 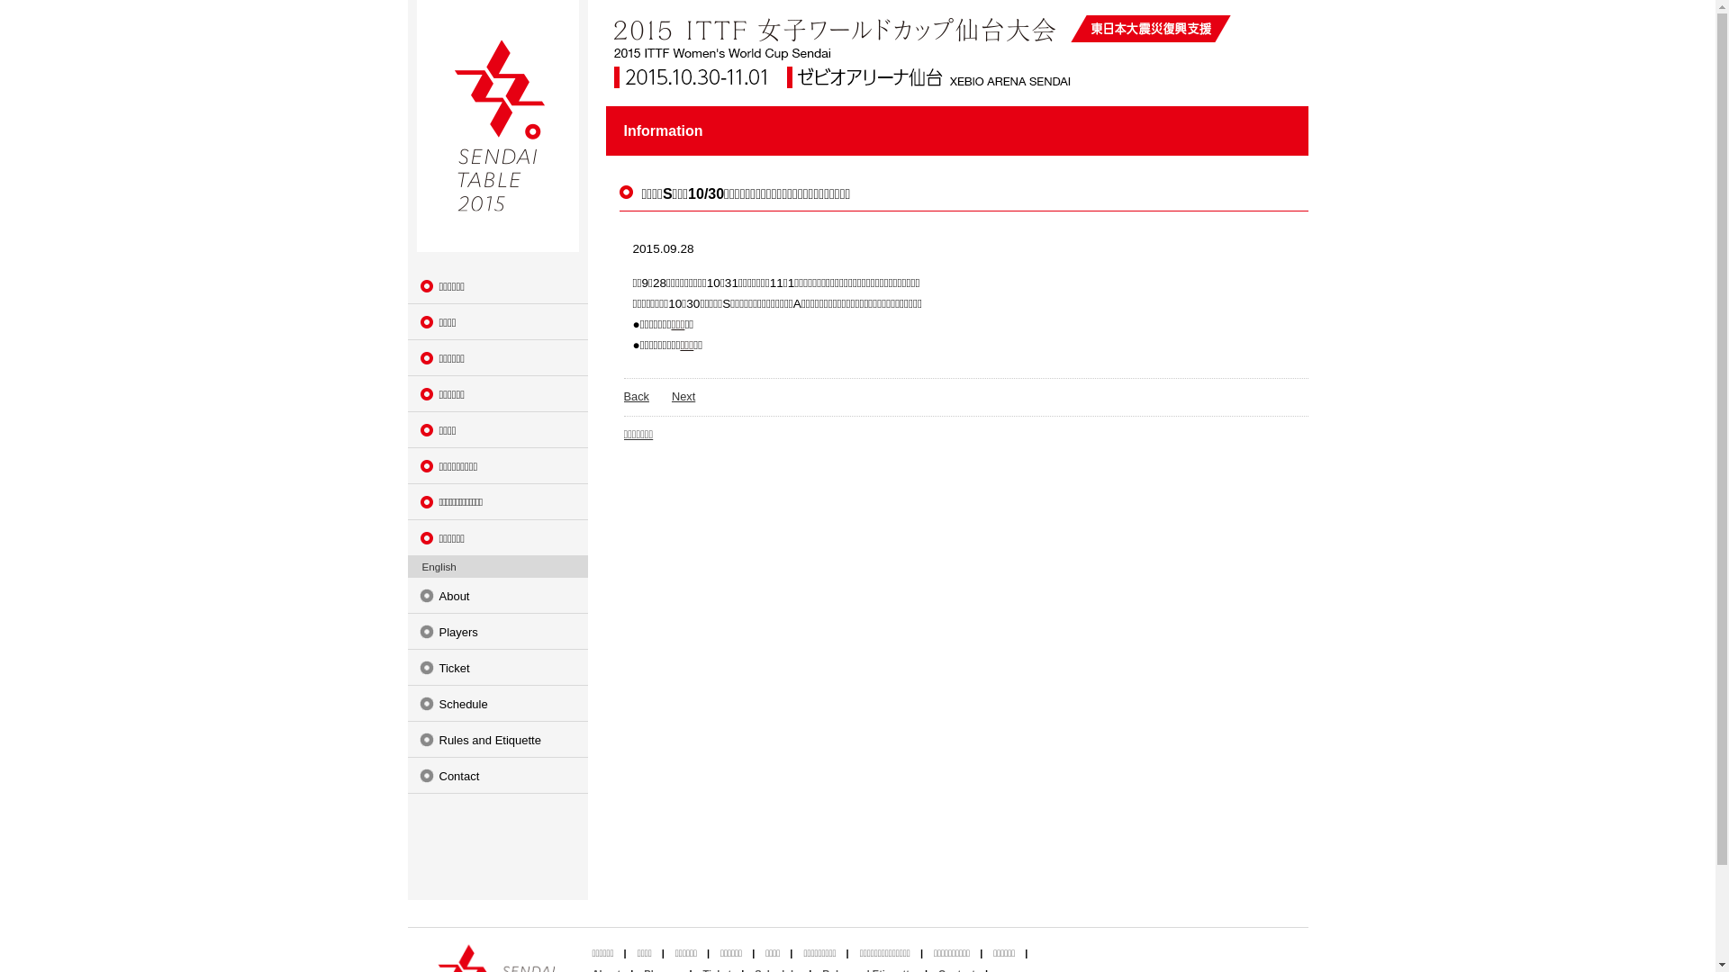 What do you see at coordinates (497, 774) in the screenshot?
I see `'Contact'` at bounding box center [497, 774].